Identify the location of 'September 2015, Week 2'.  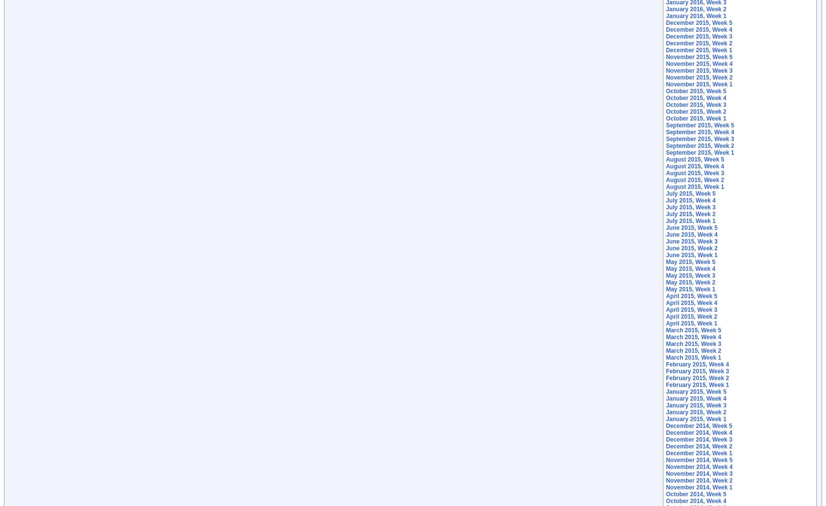
(699, 145).